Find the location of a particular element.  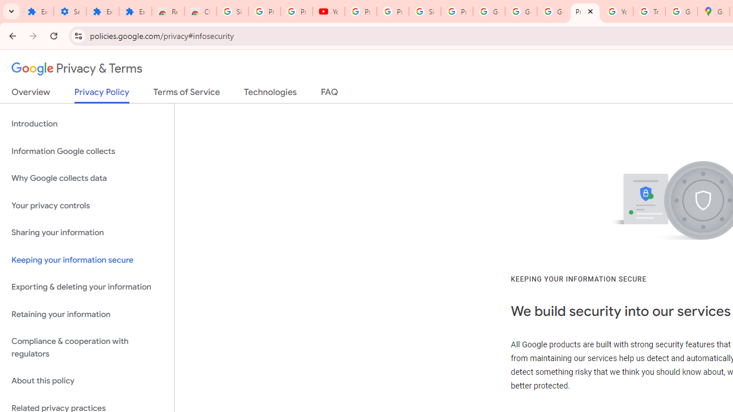

'Compliance & cooperation with regulators' is located at coordinates (86, 347).